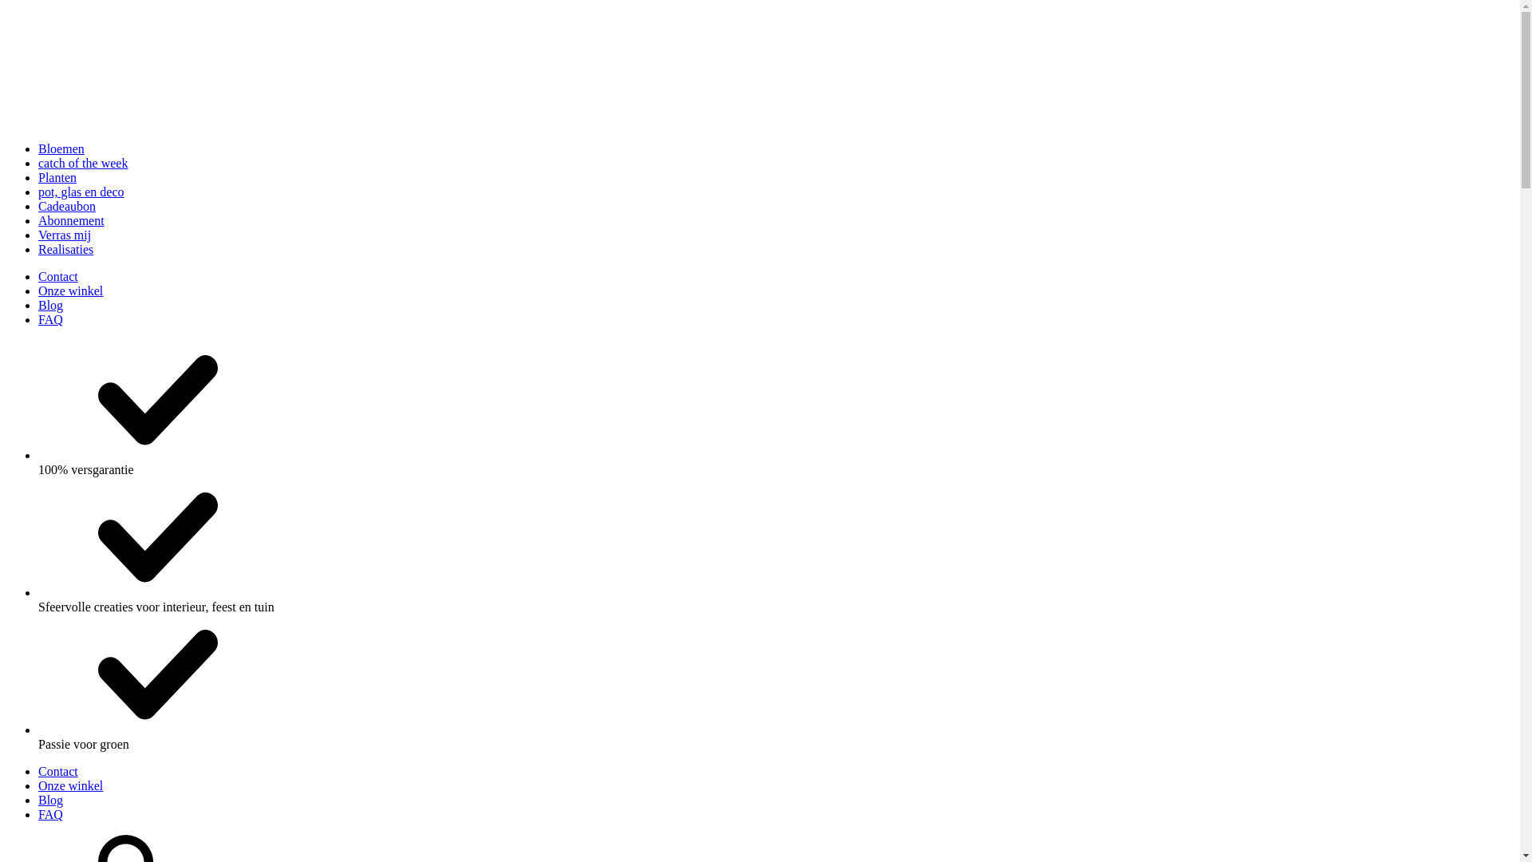 The width and height of the screenshot is (1532, 862). What do you see at coordinates (57, 770) in the screenshot?
I see `'Contact'` at bounding box center [57, 770].